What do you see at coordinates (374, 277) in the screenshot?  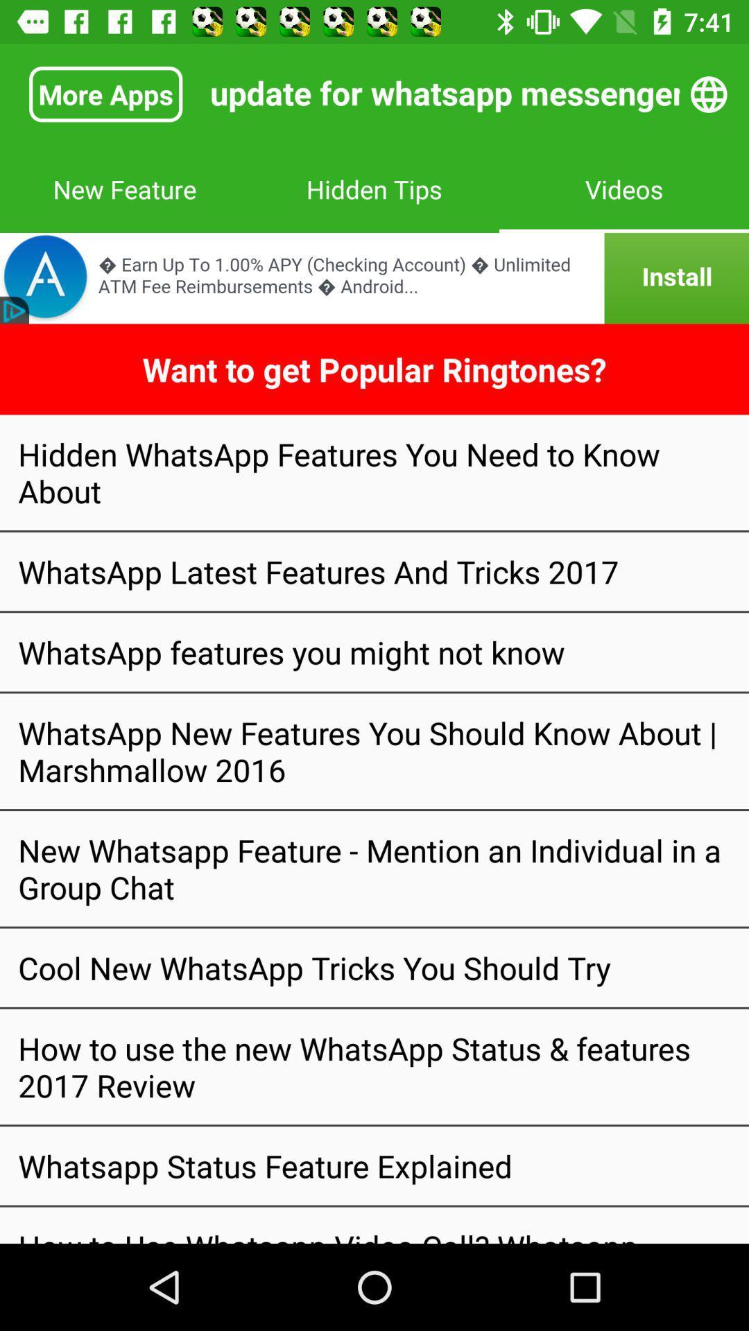 I see `good` at bounding box center [374, 277].